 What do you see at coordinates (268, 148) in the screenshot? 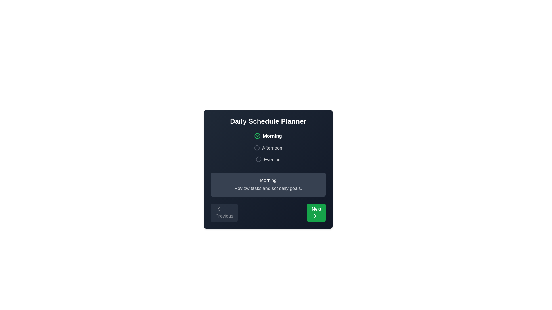
I see `the radio button labeled 'Afternoon'` at bounding box center [268, 148].